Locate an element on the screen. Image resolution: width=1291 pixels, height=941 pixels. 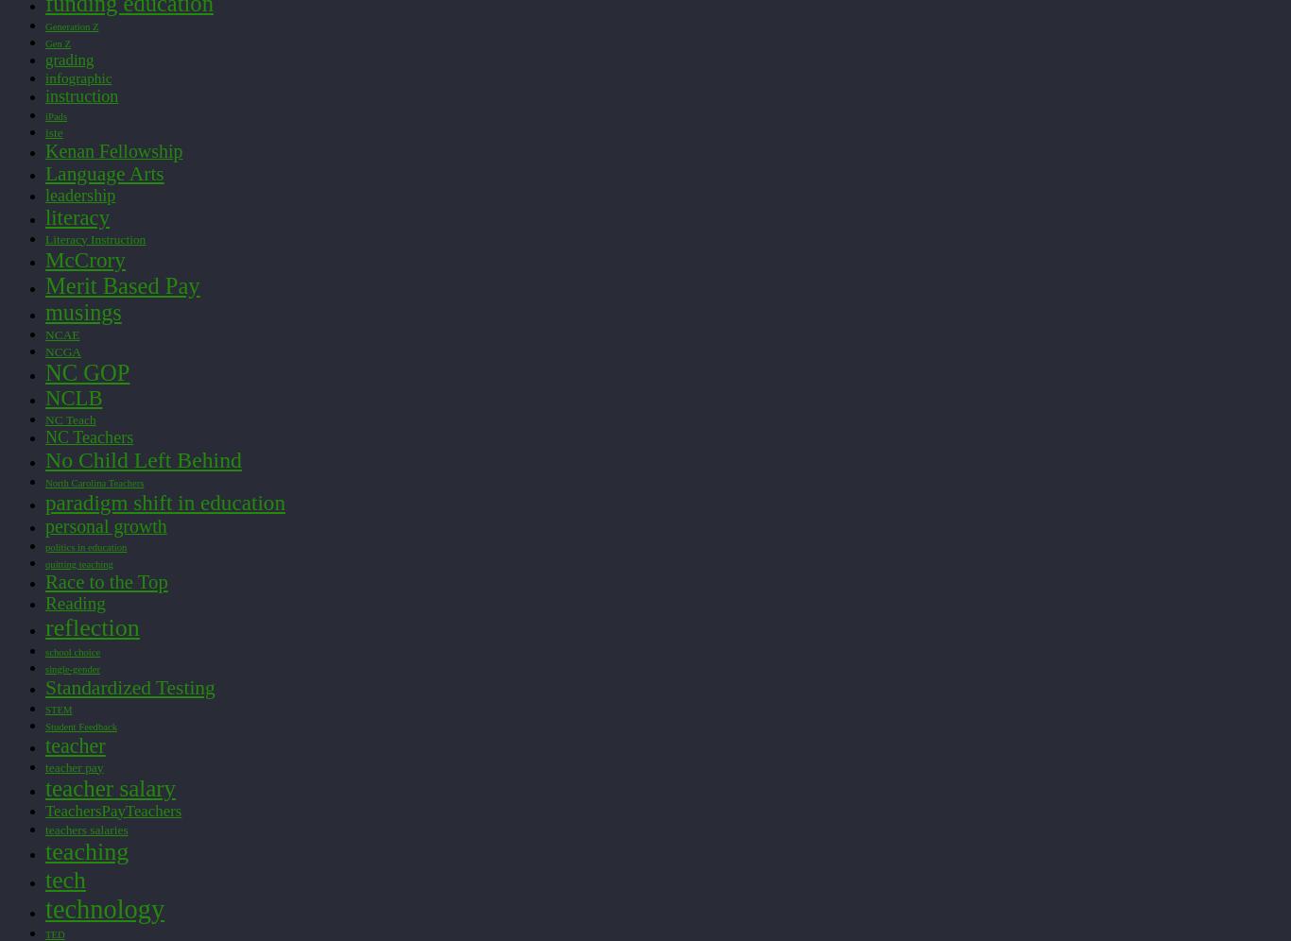
'instruction' is located at coordinates (44, 94).